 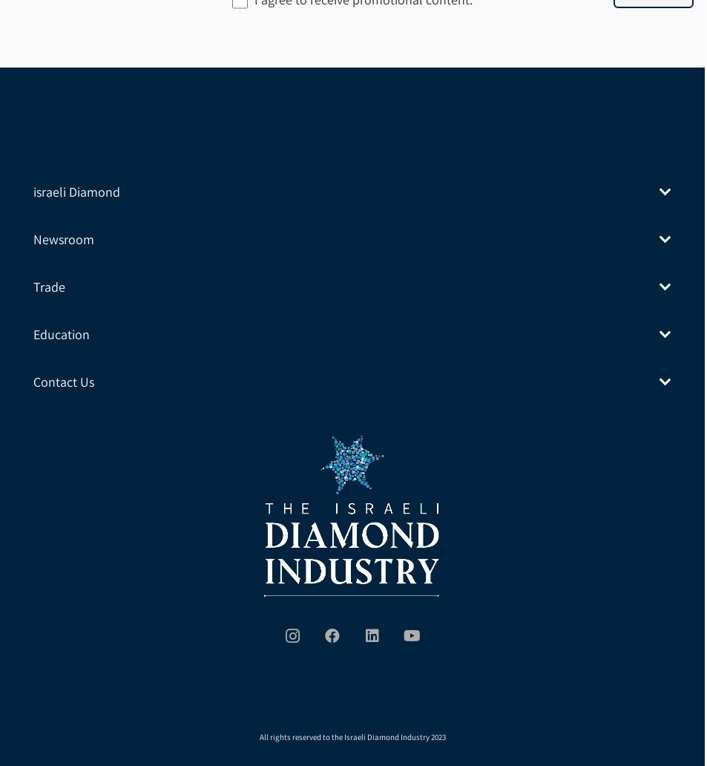 What do you see at coordinates (351, 735) in the screenshot?
I see `'All rights reserved to the Israeli Diamond Industry 2023'` at bounding box center [351, 735].